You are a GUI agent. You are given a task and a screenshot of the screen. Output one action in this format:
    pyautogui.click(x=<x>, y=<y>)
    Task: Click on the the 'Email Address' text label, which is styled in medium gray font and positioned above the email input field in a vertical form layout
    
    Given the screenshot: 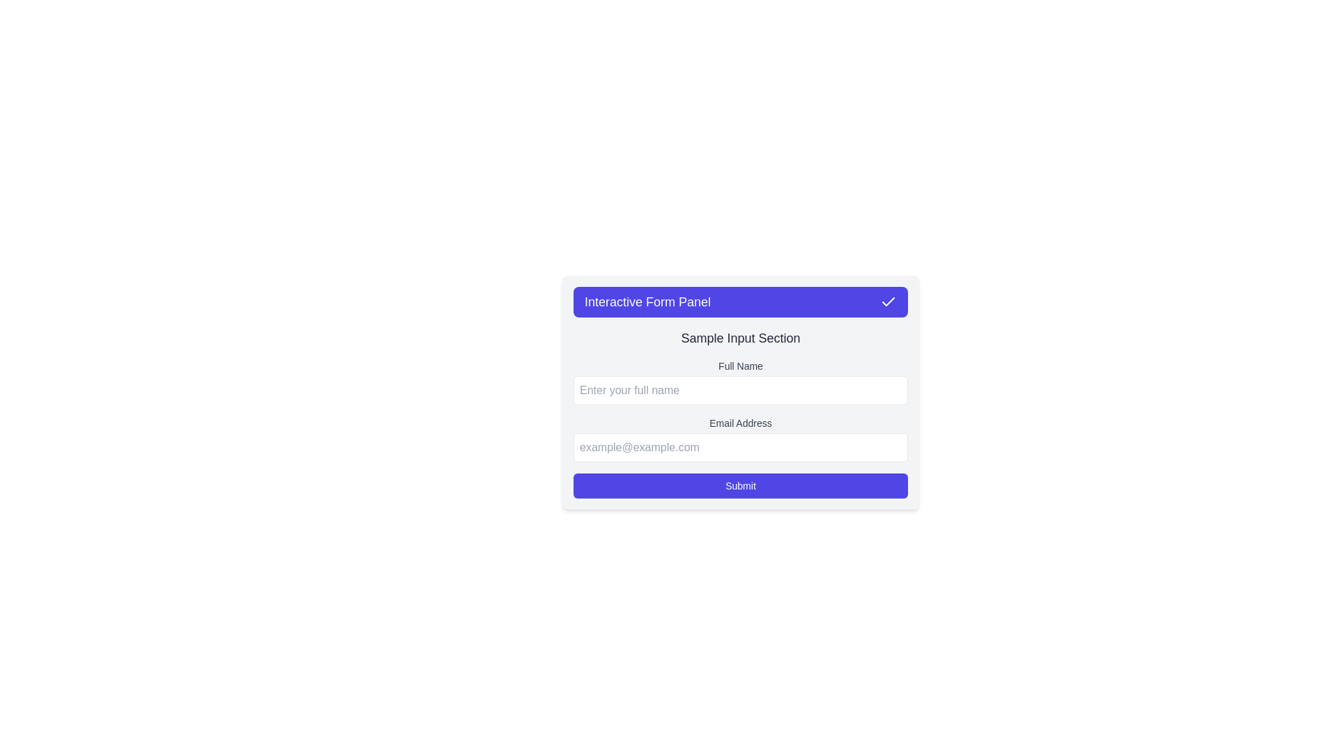 What is the action you would take?
    pyautogui.click(x=739, y=423)
    